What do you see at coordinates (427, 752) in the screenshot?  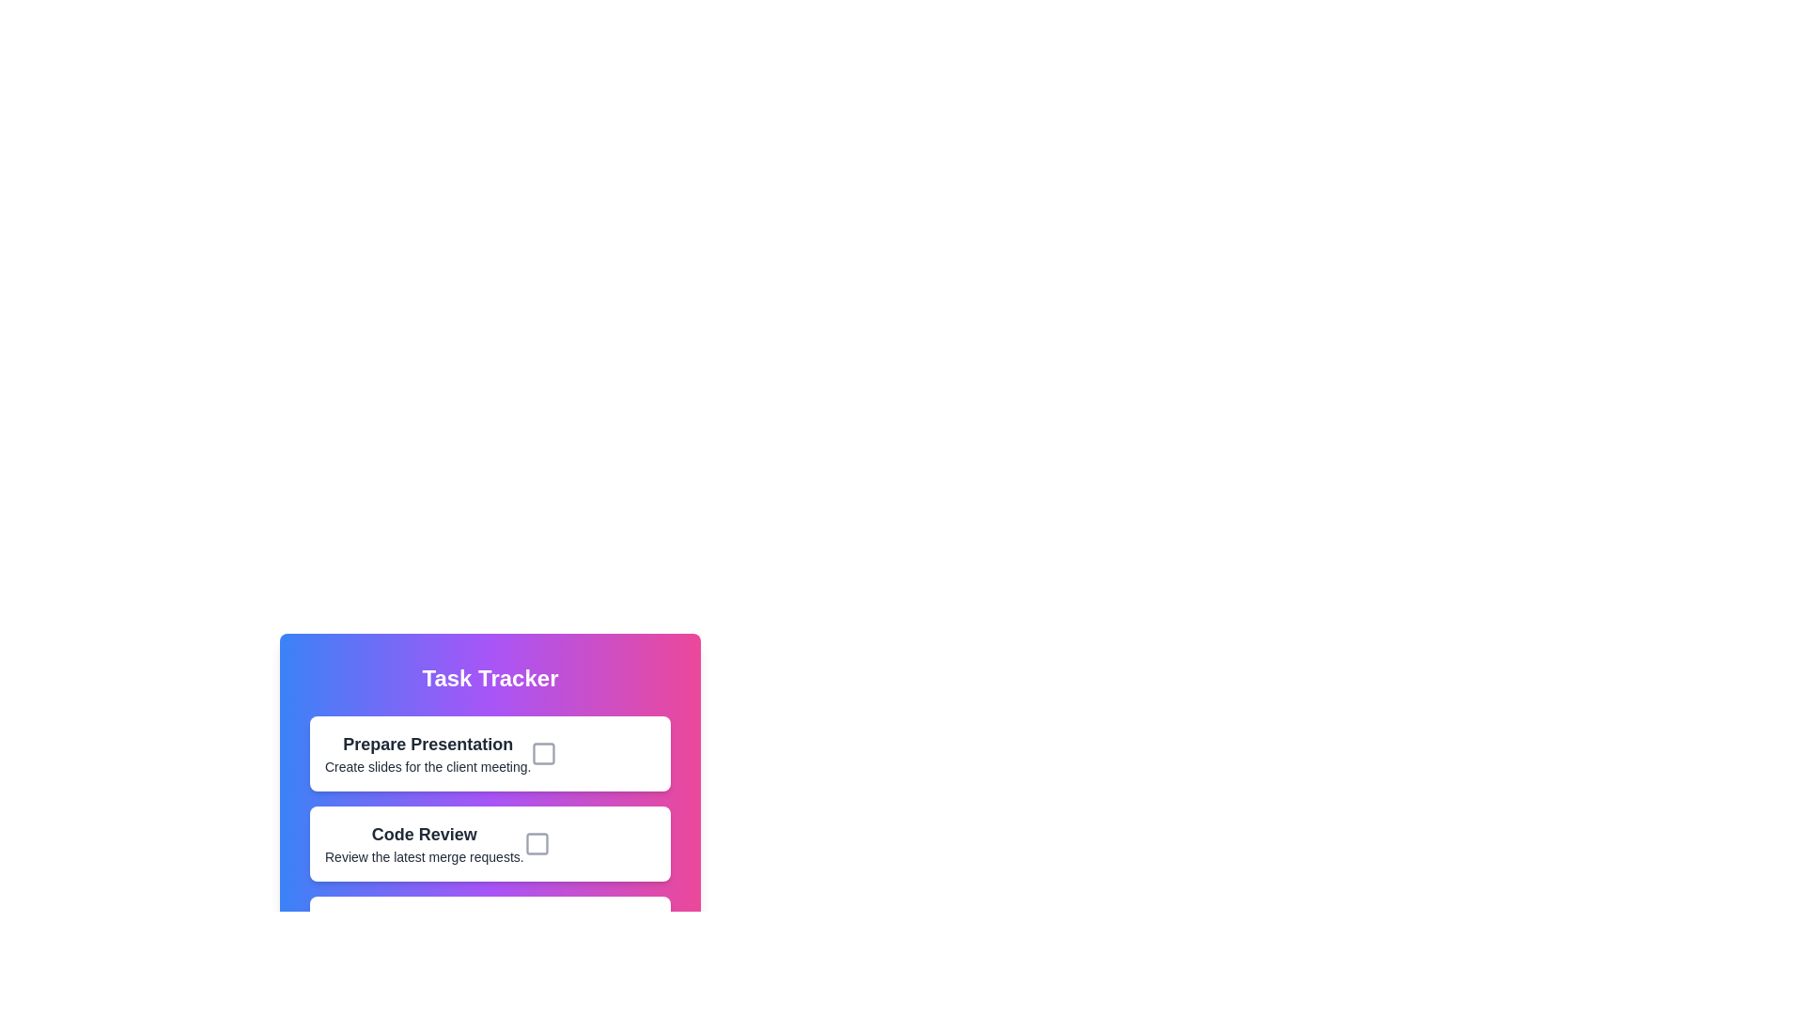 I see `the Task item block titled 'Prepare Presentation' which contains the description 'Create slides for the client meeting.'` at bounding box center [427, 752].